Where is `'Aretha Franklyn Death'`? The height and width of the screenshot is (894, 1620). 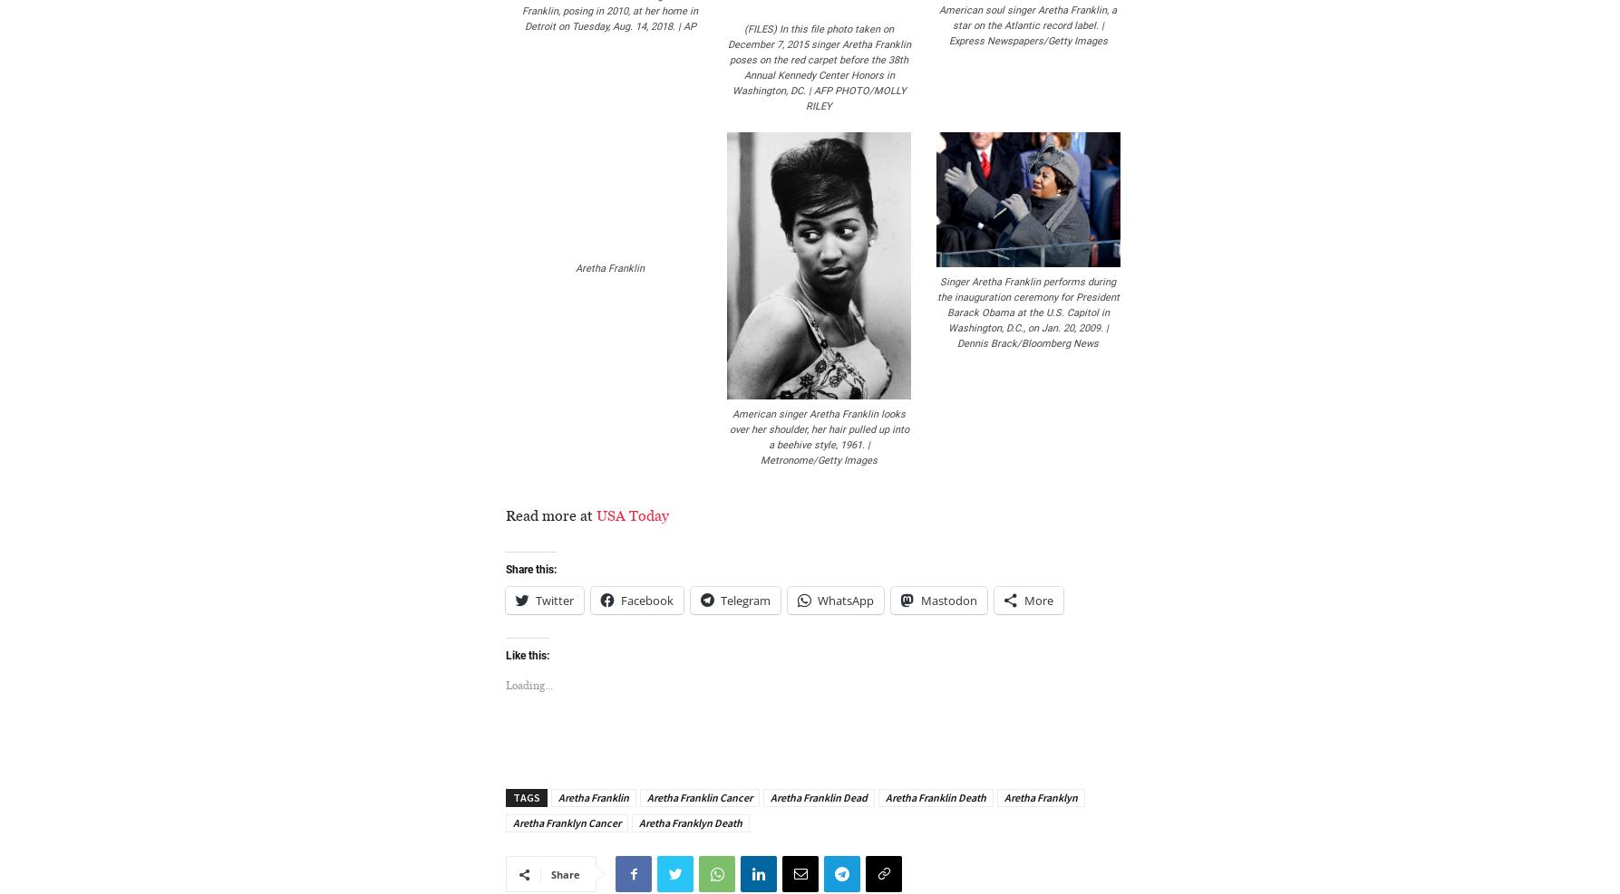 'Aretha Franklyn Death' is located at coordinates (637, 822).